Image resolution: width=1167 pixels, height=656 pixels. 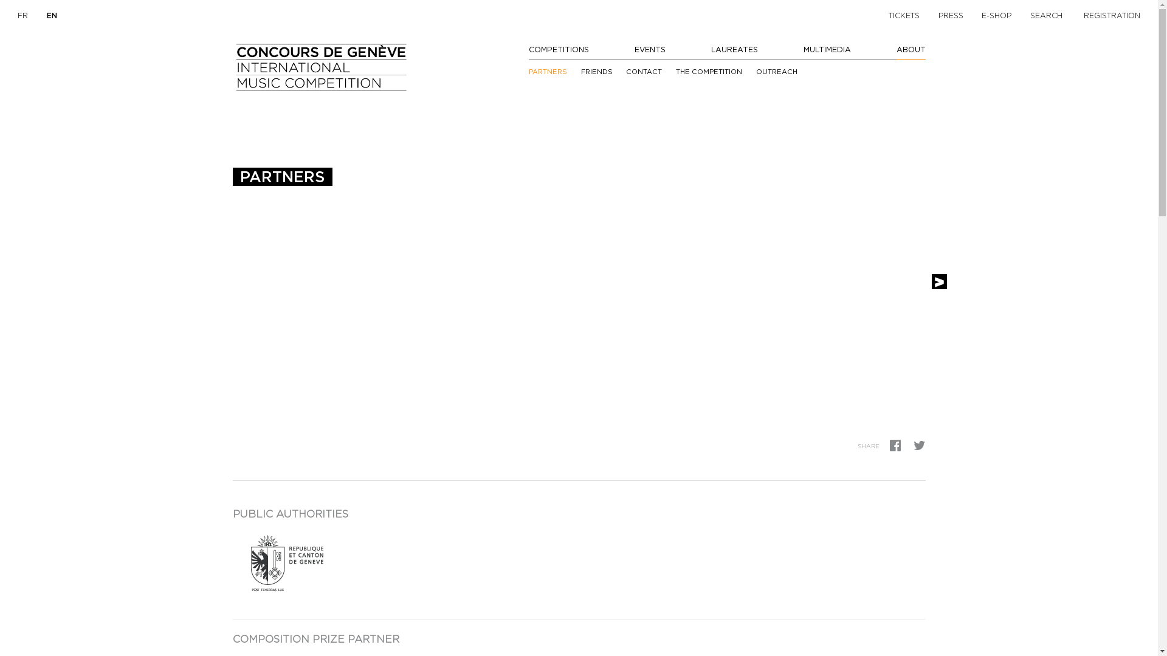 I want to click on 'E-SHOP', so click(x=981, y=15).